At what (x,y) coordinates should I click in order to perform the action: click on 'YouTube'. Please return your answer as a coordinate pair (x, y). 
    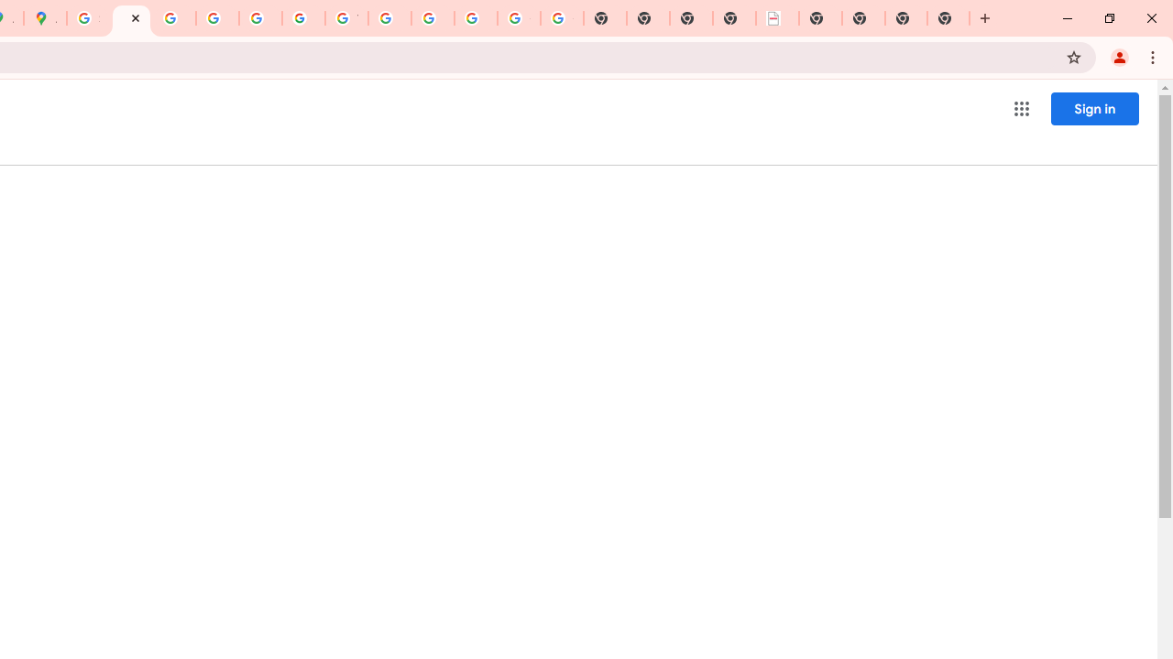
    Looking at the image, I should click on (346, 18).